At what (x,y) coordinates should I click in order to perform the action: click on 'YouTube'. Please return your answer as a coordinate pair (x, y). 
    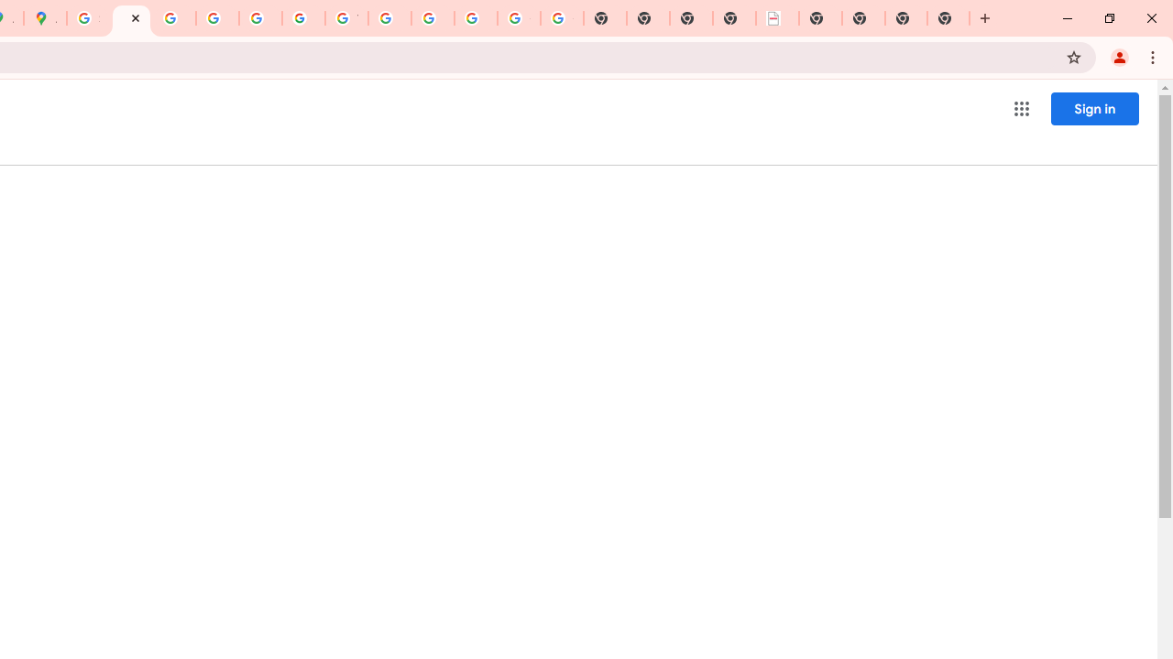
    Looking at the image, I should click on (346, 18).